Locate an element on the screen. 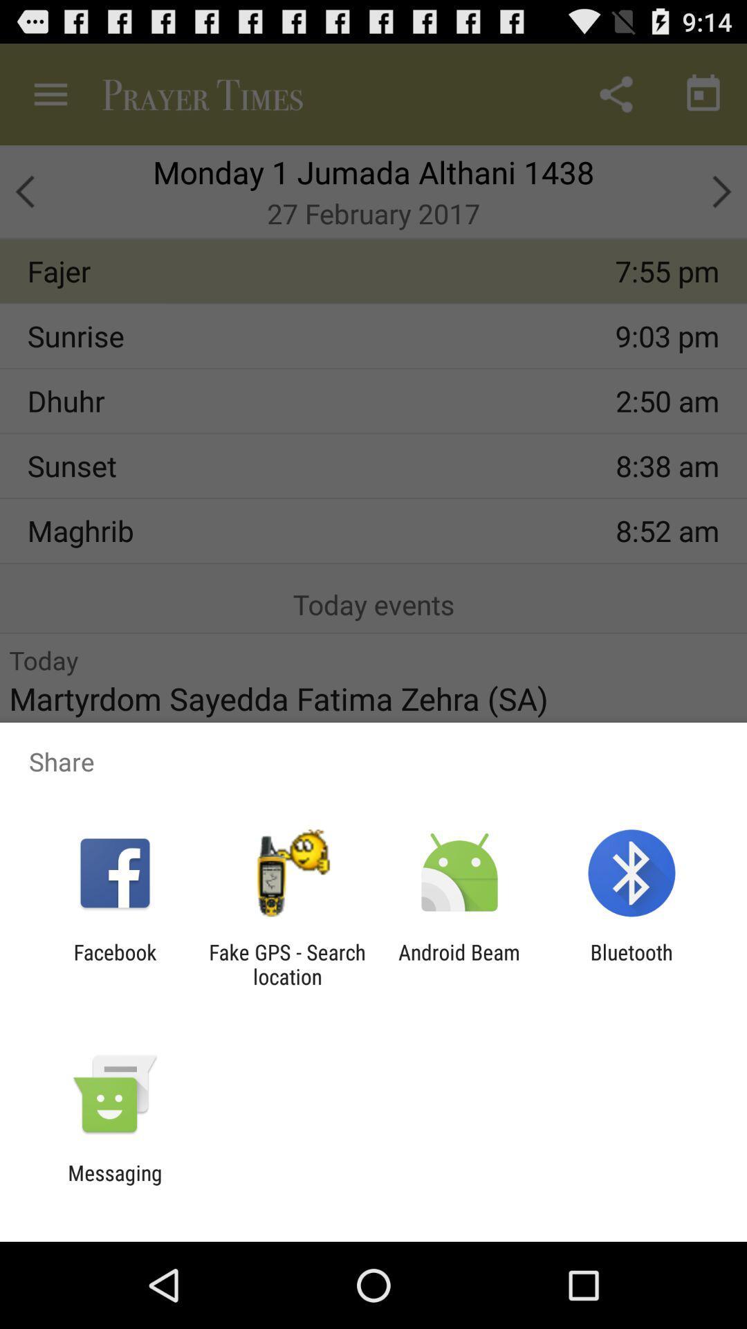 Image resolution: width=747 pixels, height=1329 pixels. the bluetooth is located at coordinates (631, 964).